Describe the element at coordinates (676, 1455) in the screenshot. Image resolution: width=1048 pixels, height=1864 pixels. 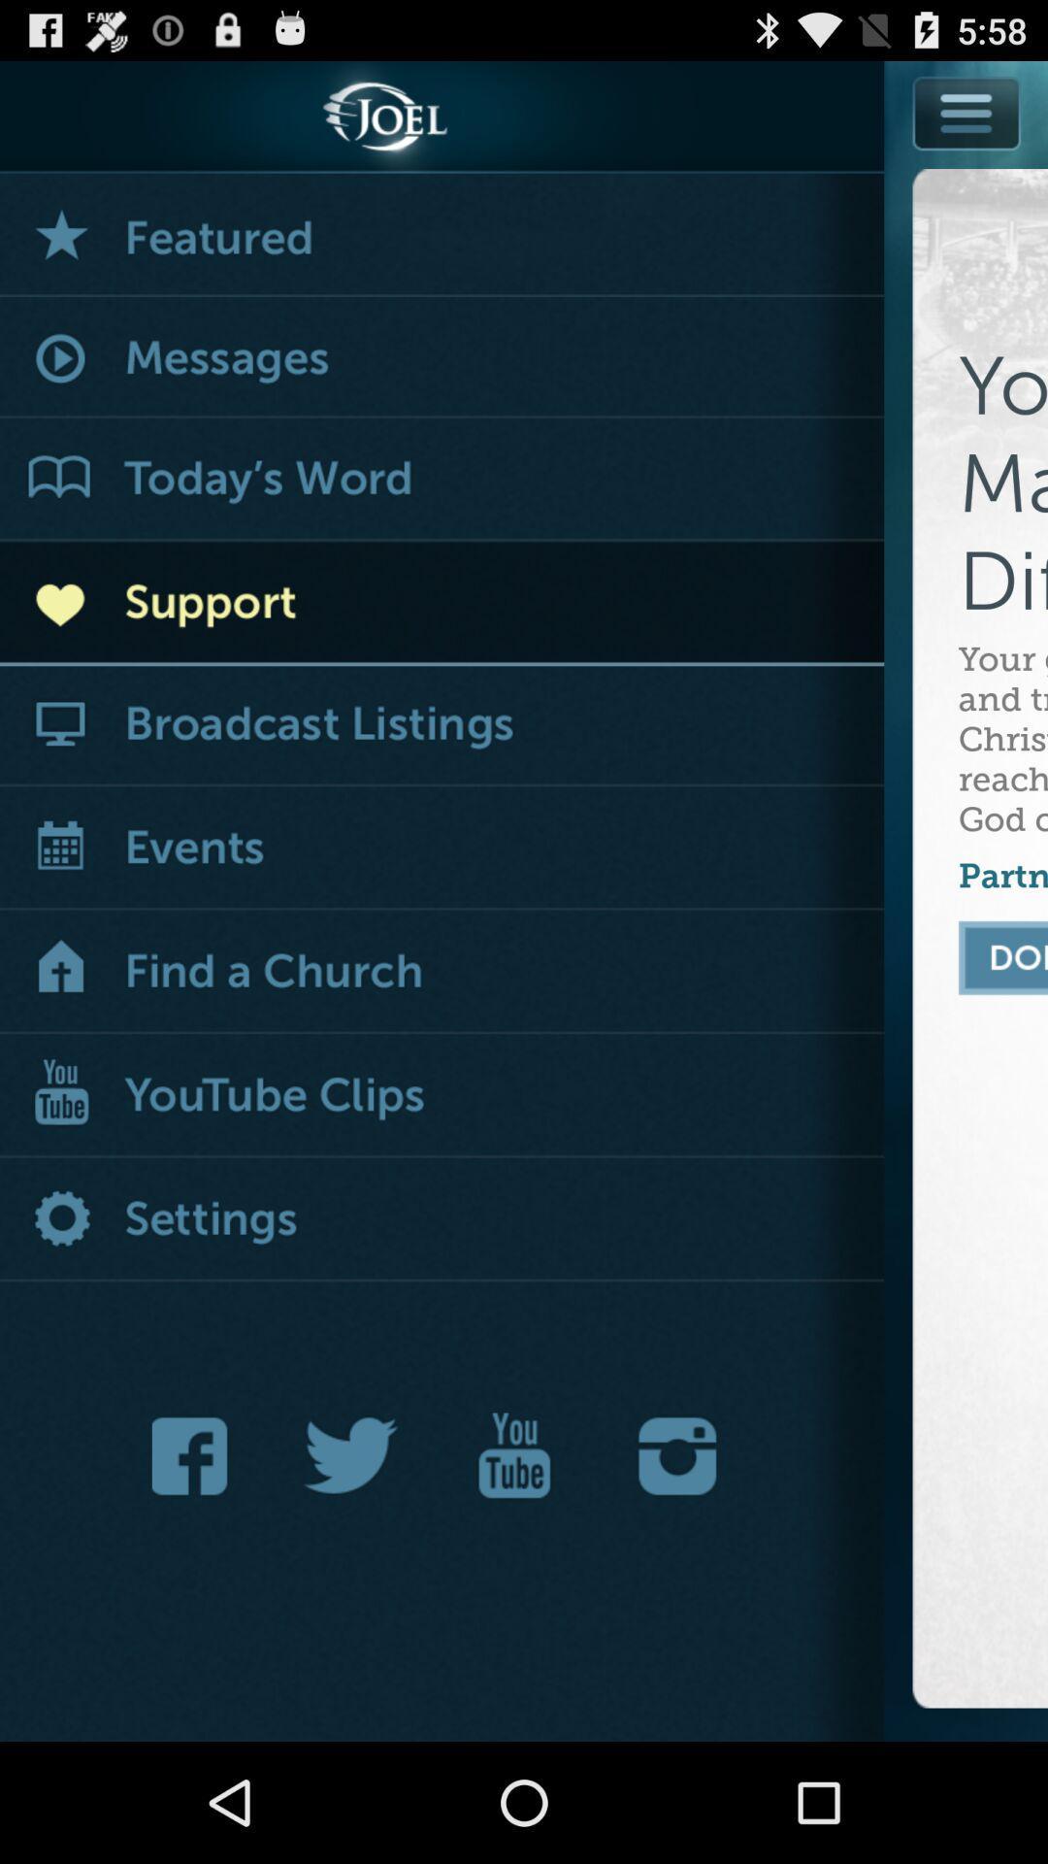
I see `instagram` at that location.